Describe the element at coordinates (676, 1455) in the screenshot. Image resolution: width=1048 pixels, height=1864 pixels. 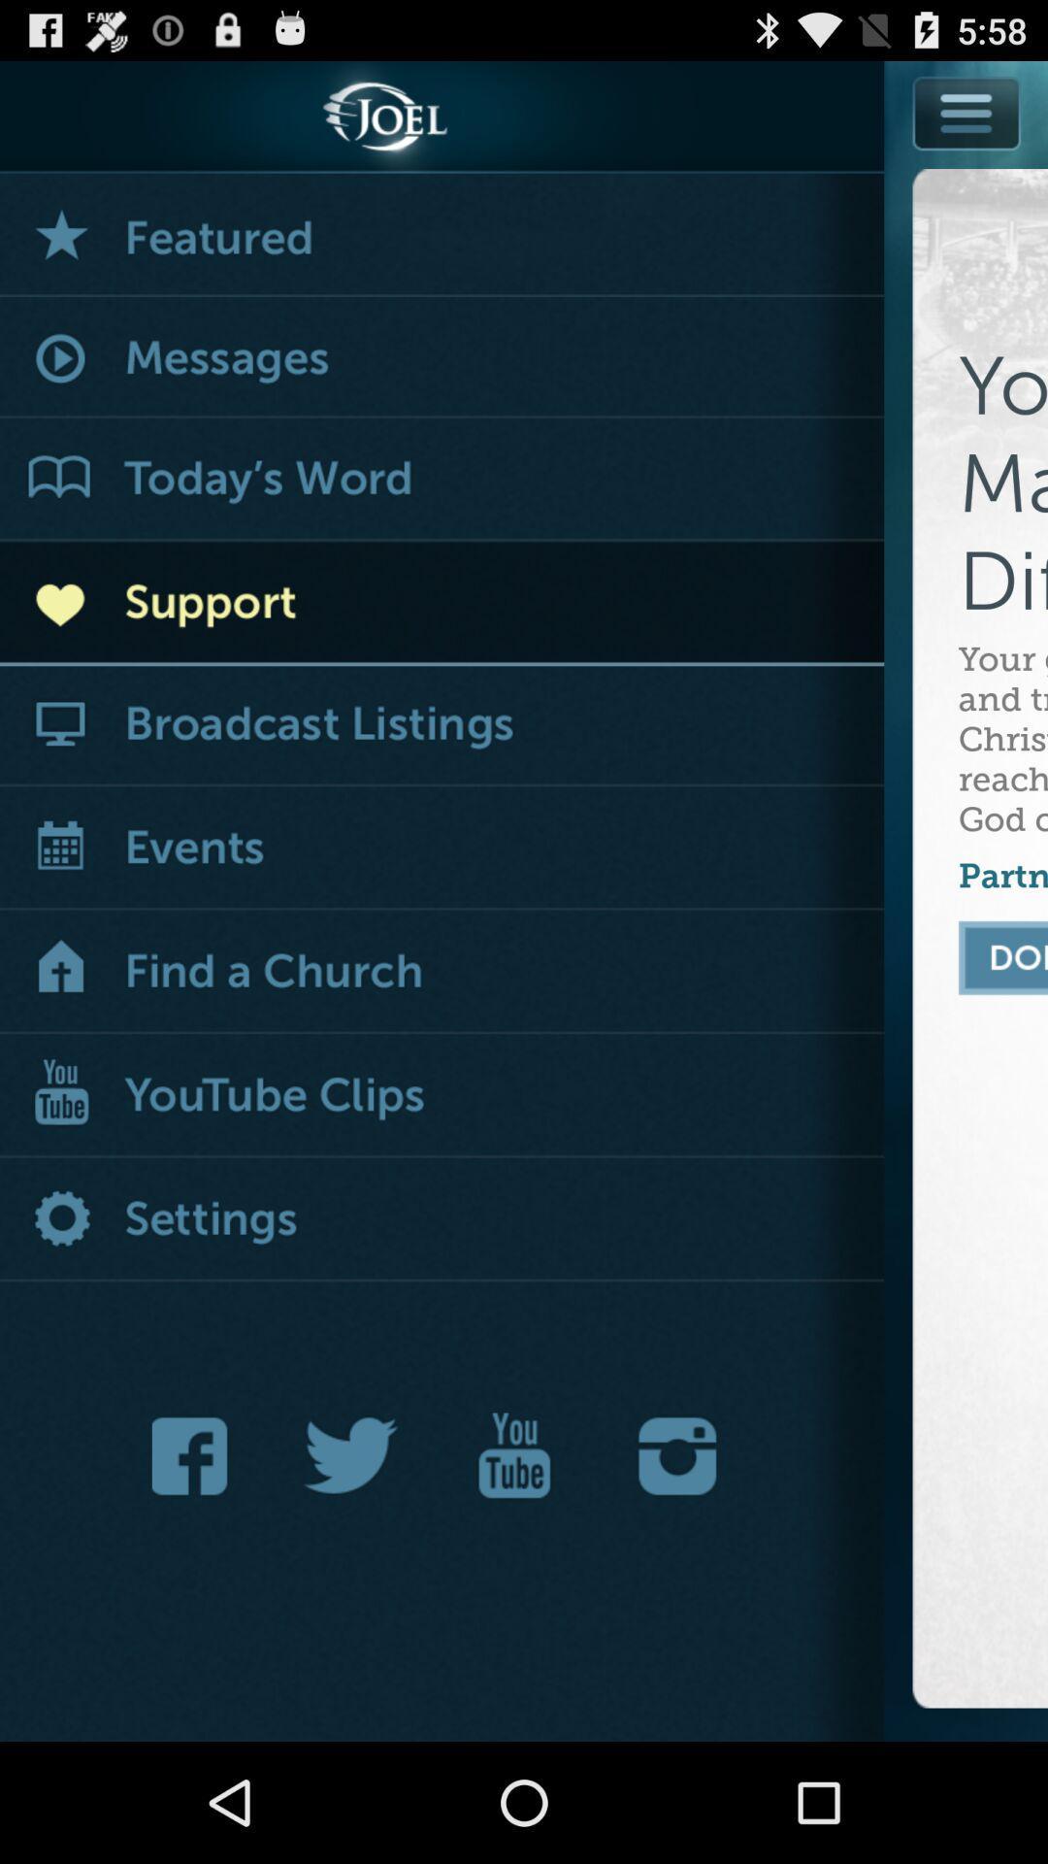
I see `instagram` at that location.